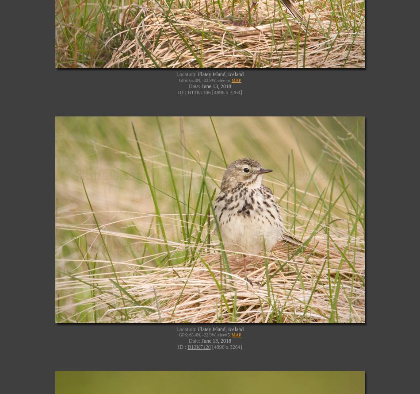 Image resolution: width=420 pixels, height=394 pixels. What do you see at coordinates (199, 92) in the screenshot?
I see `'B13K7106'` at bounding box center [199, 92].